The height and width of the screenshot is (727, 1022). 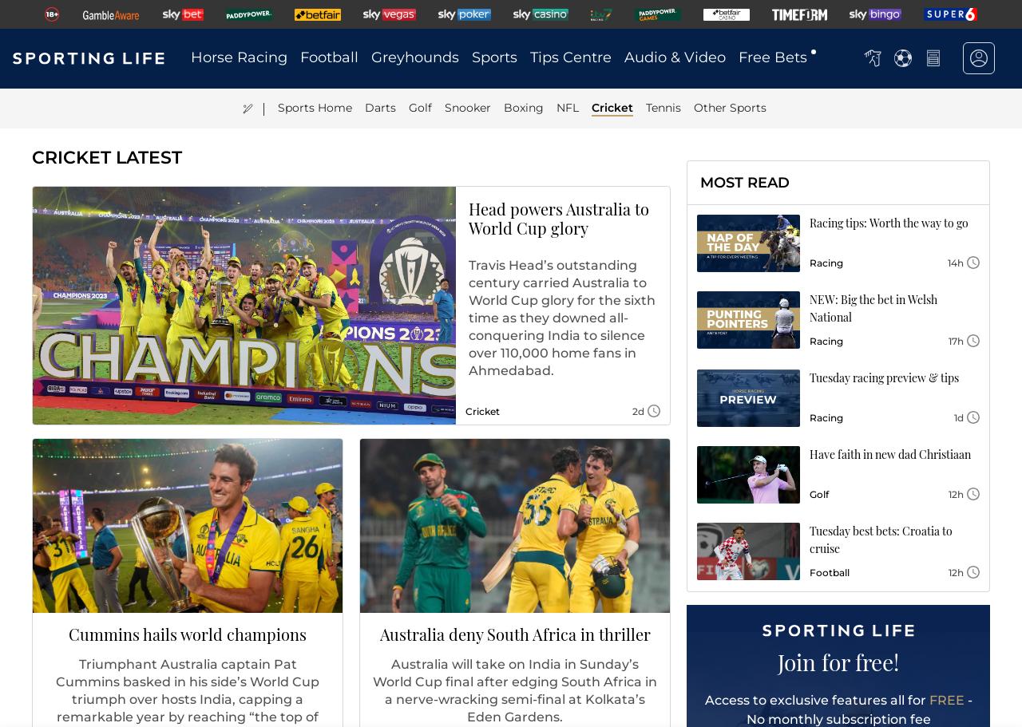 I want to click on 'Access to exclusive features all for', so click(x=816, y=699).